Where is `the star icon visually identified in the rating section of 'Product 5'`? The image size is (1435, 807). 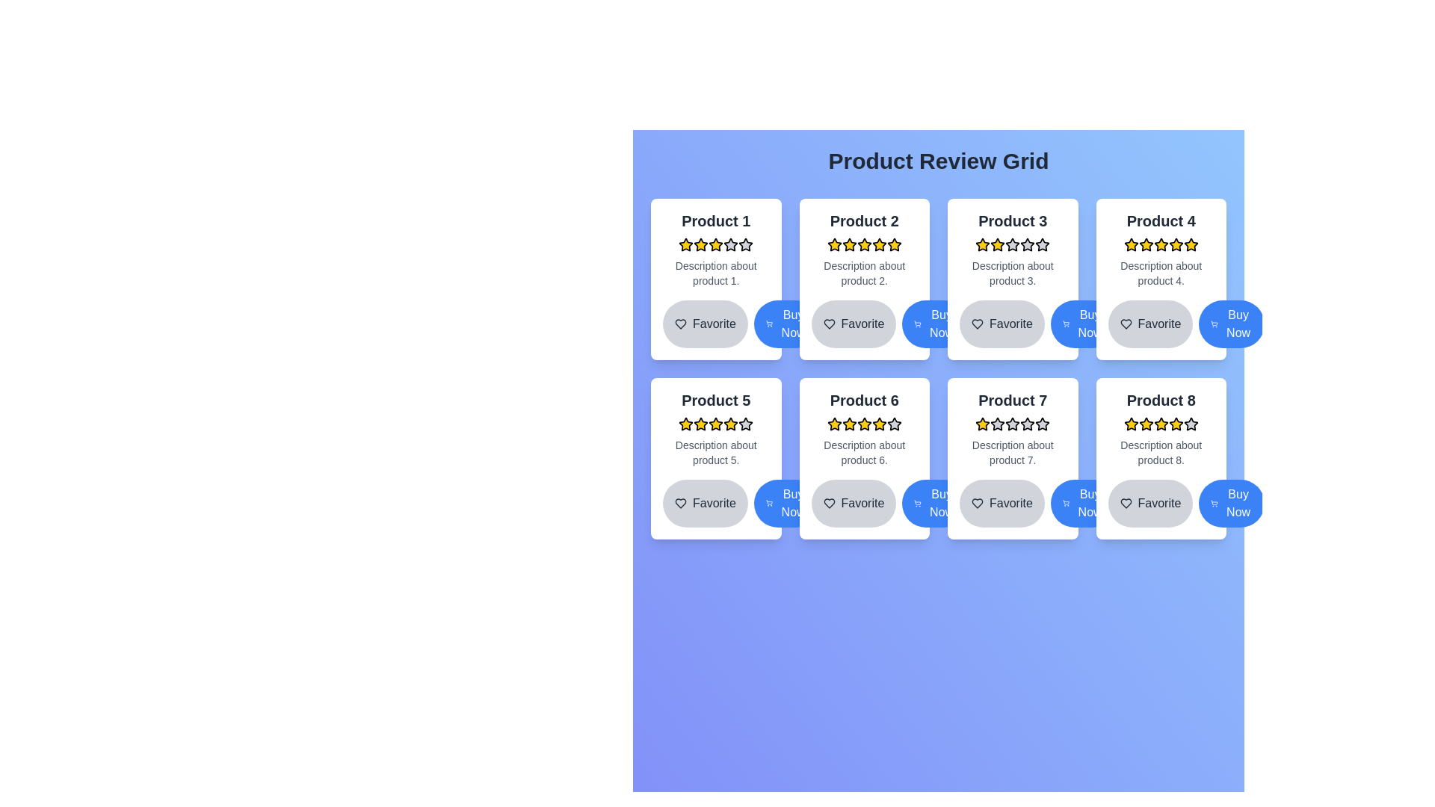 the star icon visually identified in the rating section of 'Product 5' is located at coordinates (685, 424).